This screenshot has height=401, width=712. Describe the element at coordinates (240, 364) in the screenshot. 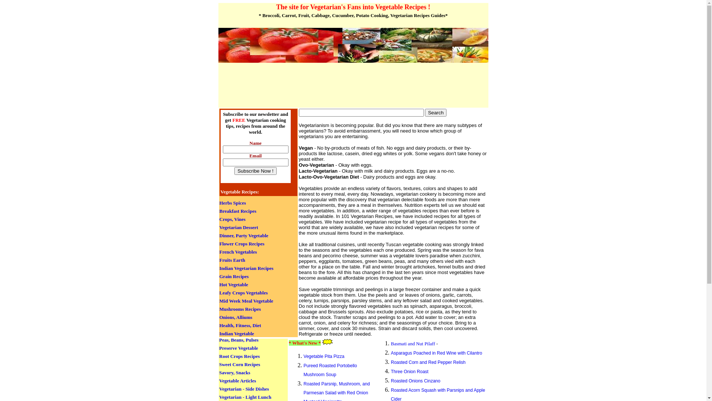

I see `'Sweet Corn Recipes'` at that location.